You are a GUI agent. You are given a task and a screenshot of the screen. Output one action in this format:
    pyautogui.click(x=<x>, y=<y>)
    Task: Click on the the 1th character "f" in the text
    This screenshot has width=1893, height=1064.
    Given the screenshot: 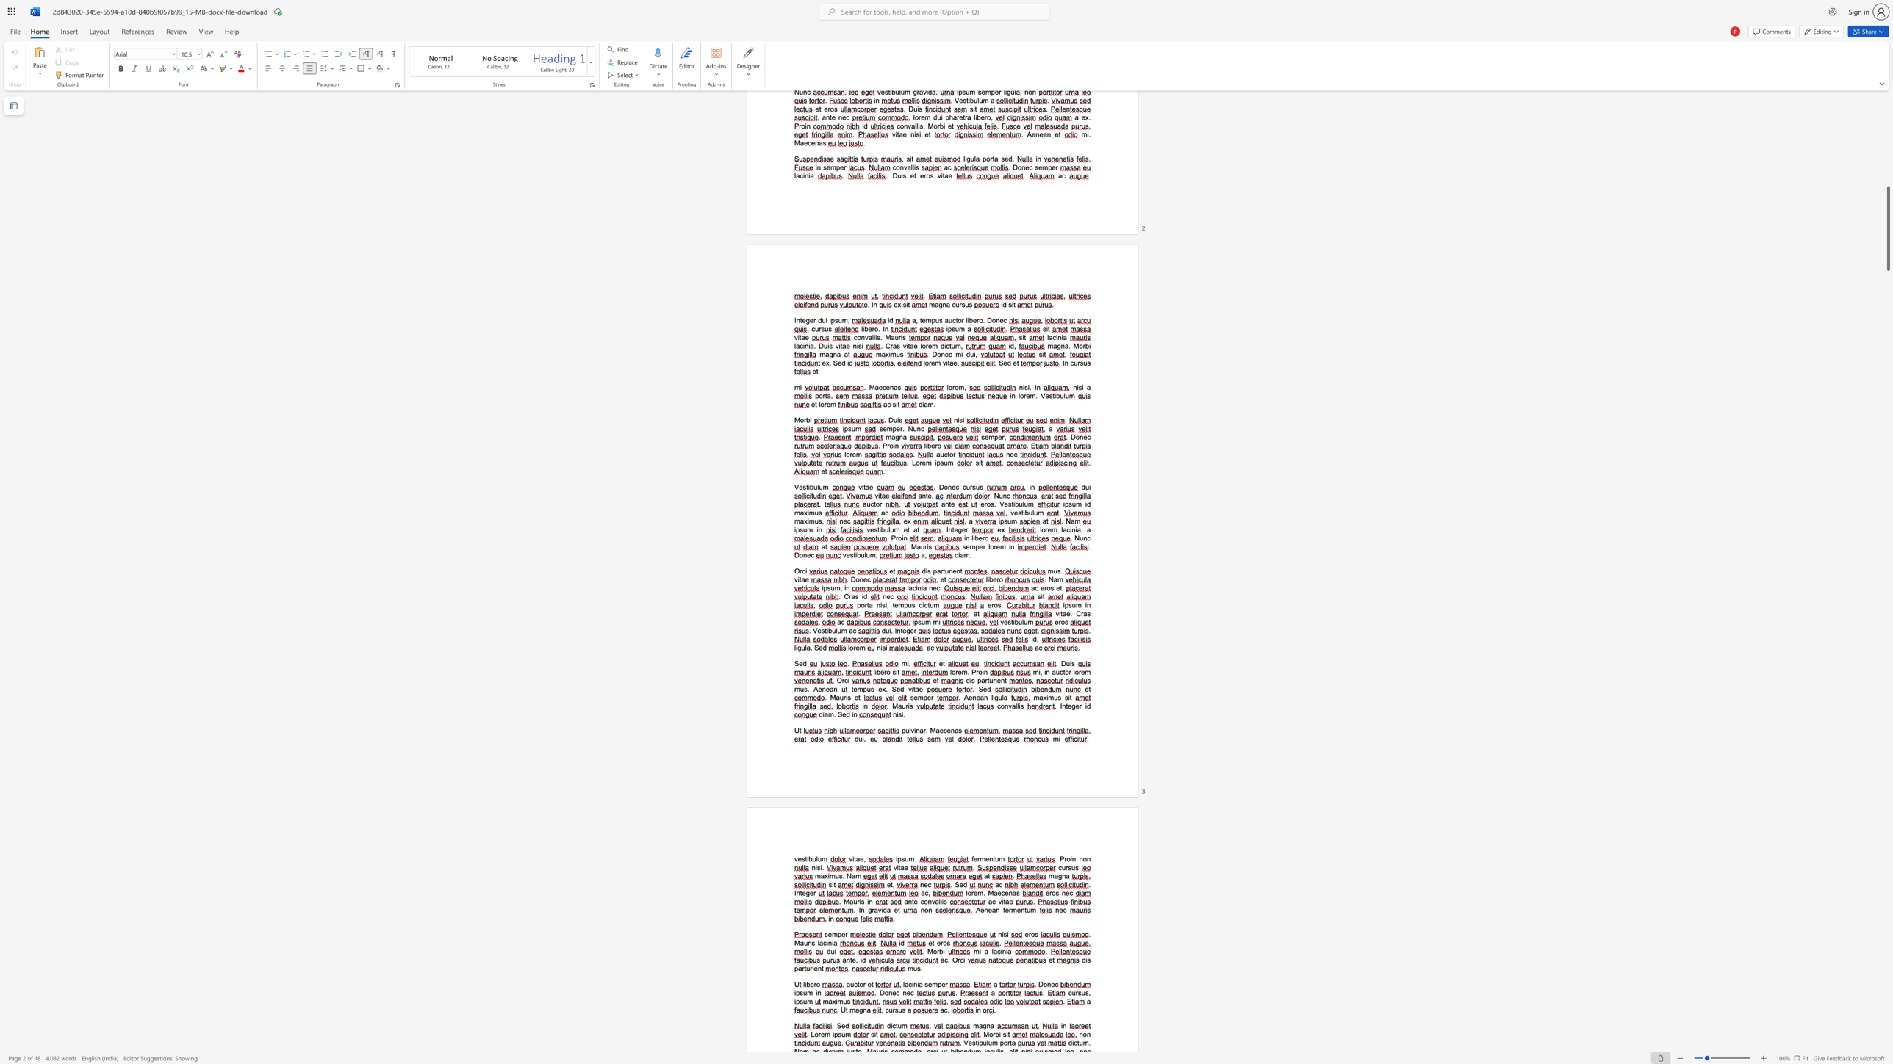 What is the action you would take?
    pyautogui.click(x=972, y=859)
    